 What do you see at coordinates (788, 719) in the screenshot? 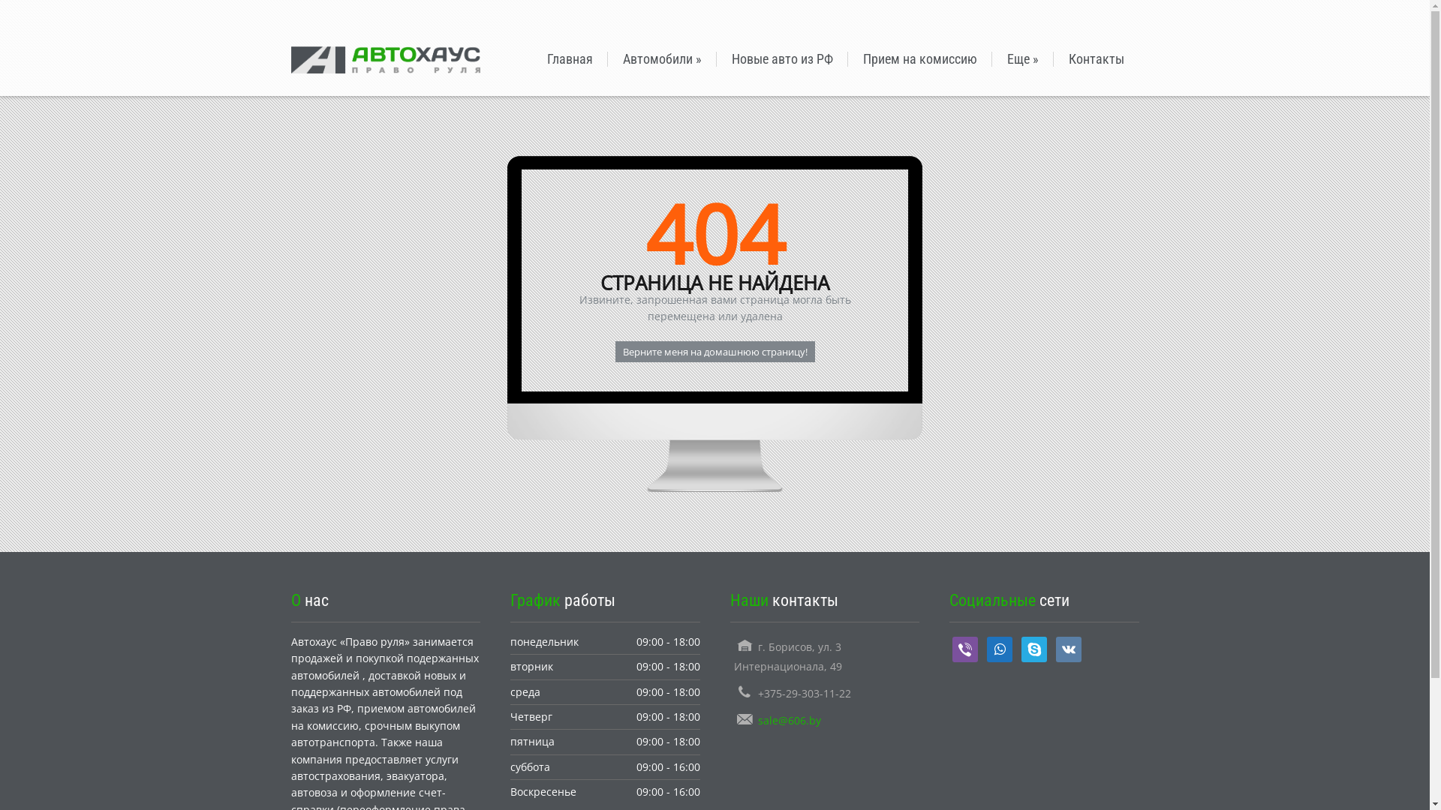
I see `'sale@606.by'` at bounding box center [788, 719].